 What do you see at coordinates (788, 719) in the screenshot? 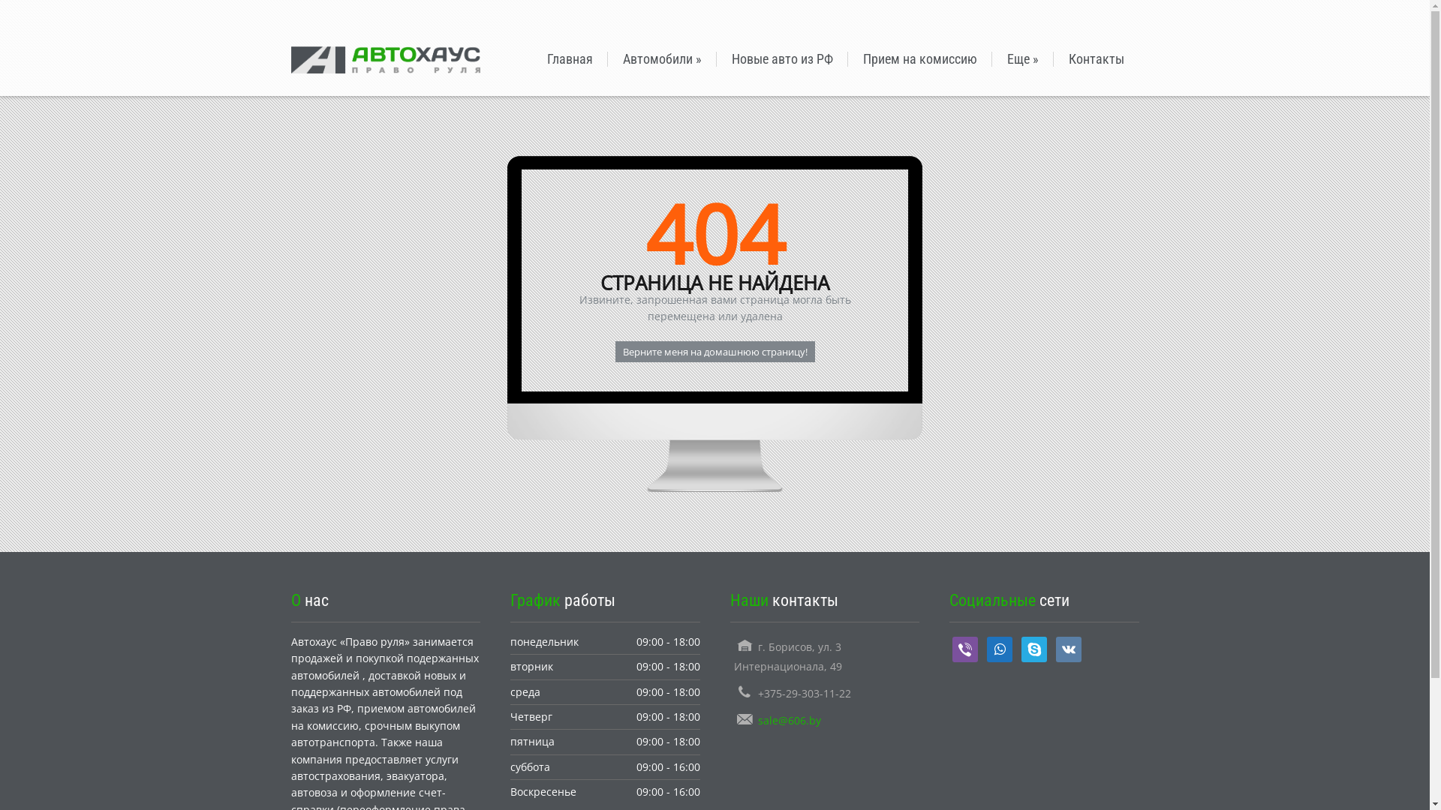
I see `'sale@606.by'` at bounding box center [788, 719].